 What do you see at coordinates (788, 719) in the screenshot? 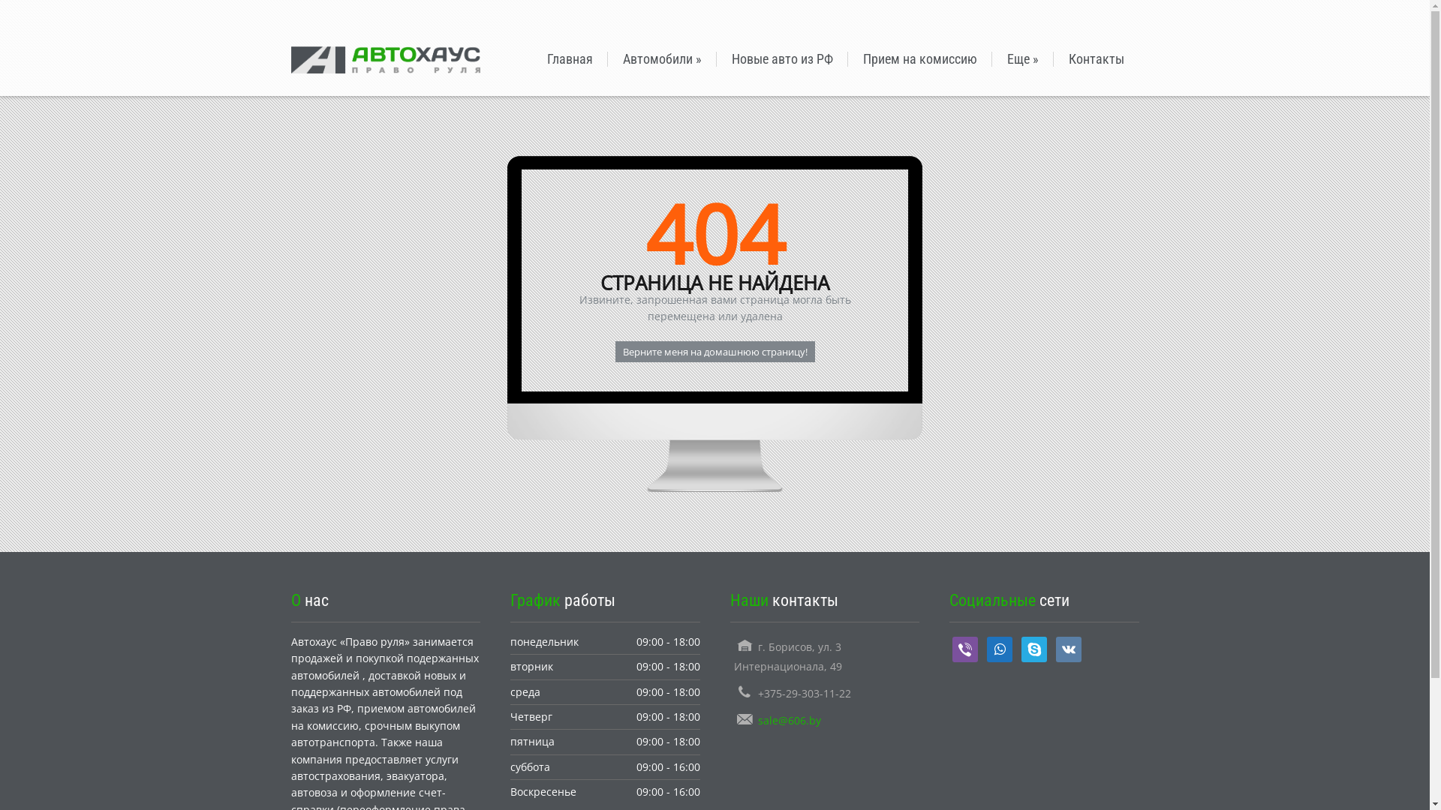
I see `'sale@606.by'` at bounding box center [788, 719].